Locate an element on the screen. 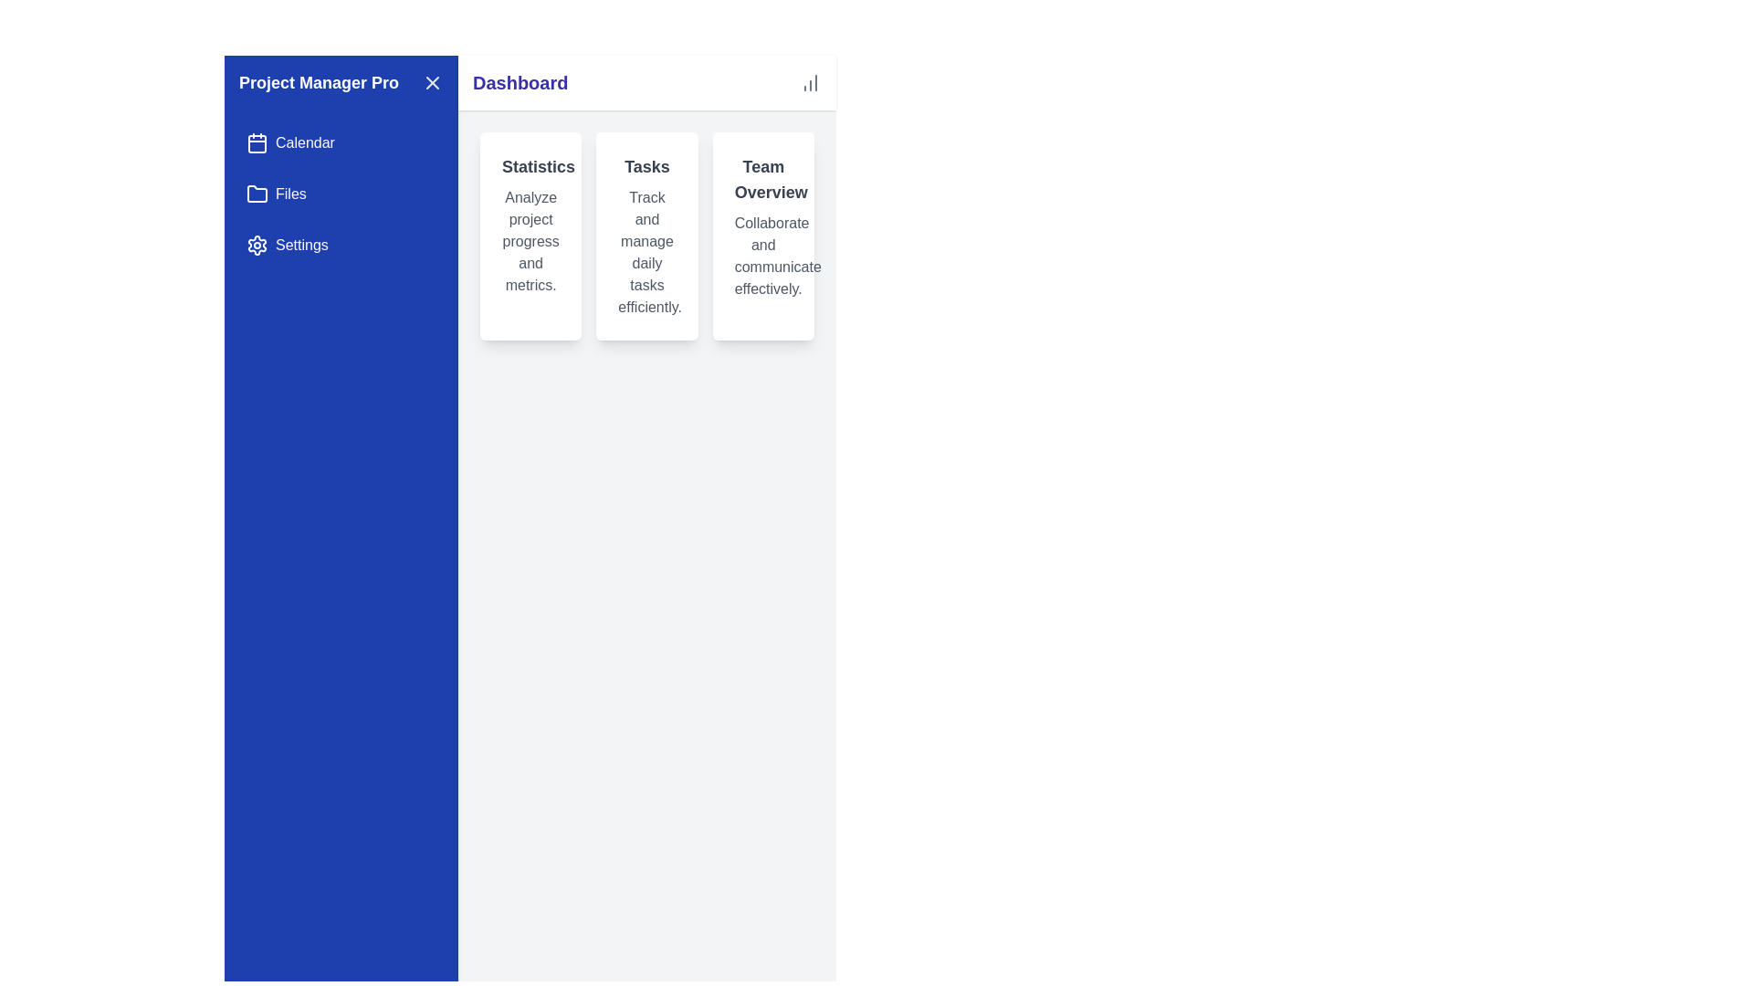 This screenshot has width=1753, height=986. the Calendar icon located in the sidebar navigation menu under 'Project Manager Pro' is located at coordinates (257, 142).